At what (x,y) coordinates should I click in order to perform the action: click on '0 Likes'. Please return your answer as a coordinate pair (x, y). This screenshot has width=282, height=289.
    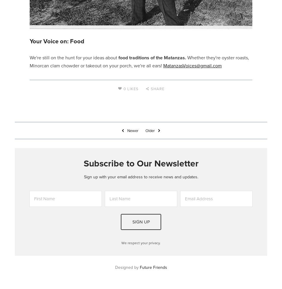
    Looking at the image, I should click on (131, 88).